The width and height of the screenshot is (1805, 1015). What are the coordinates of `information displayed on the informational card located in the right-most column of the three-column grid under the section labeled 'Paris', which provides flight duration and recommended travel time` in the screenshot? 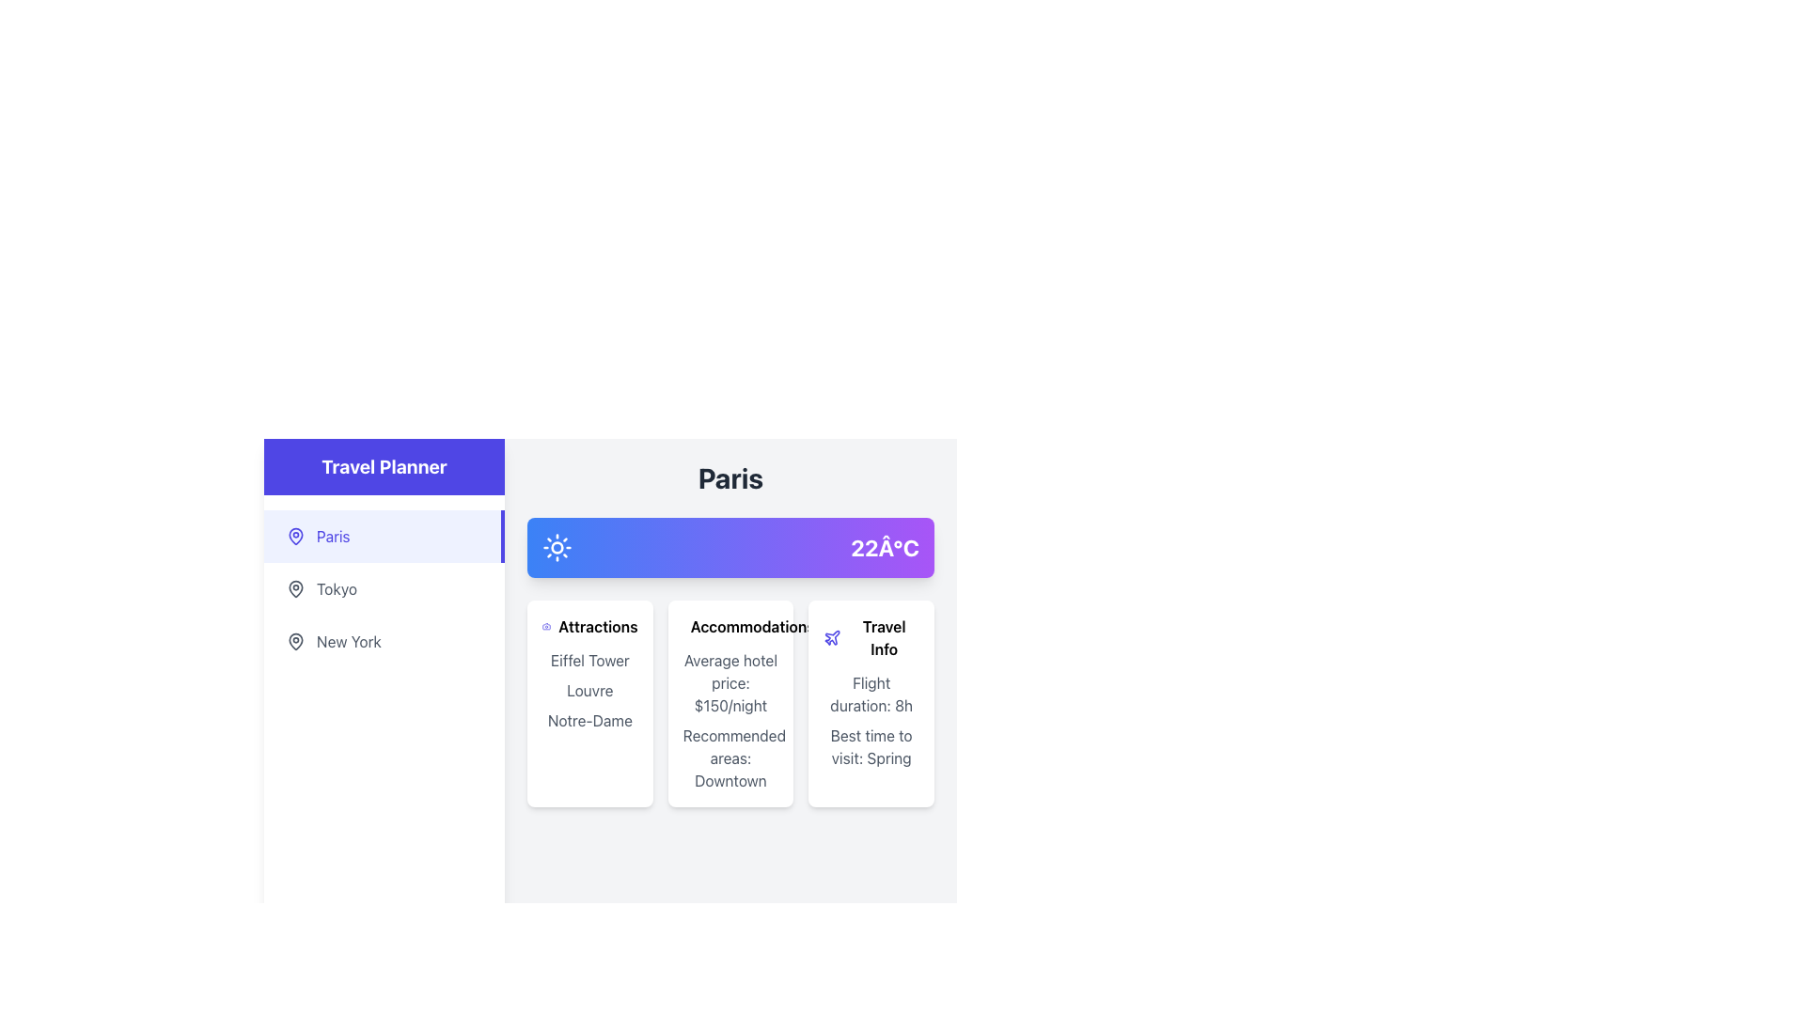 It's located at (871, 703).